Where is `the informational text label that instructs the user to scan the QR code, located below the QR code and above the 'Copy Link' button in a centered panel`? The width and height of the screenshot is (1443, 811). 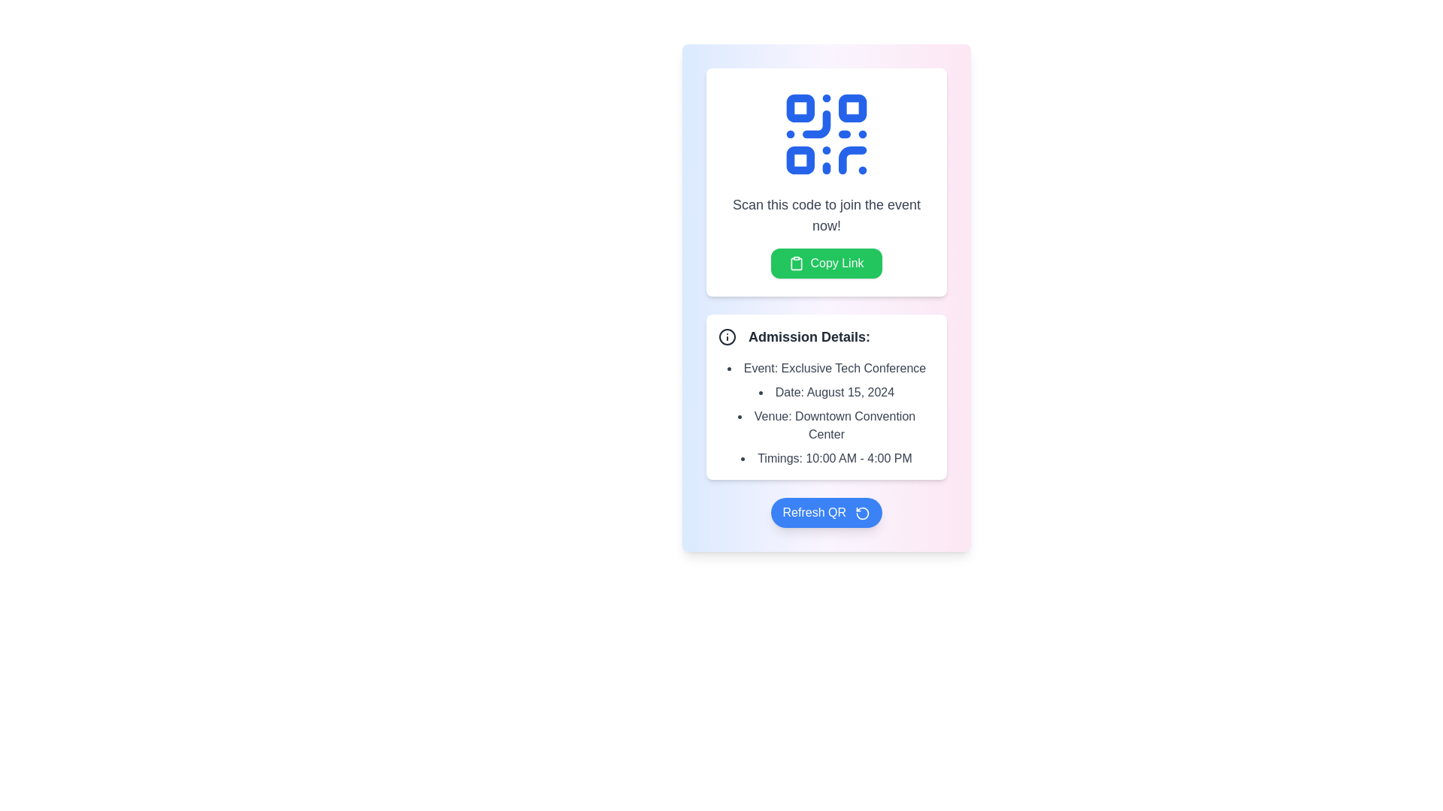 the informational text label that instructs the user to scan the QR code, located below the QR code and above the 'Copy Link' button in a centered panel is located at coordinates (825, 215).